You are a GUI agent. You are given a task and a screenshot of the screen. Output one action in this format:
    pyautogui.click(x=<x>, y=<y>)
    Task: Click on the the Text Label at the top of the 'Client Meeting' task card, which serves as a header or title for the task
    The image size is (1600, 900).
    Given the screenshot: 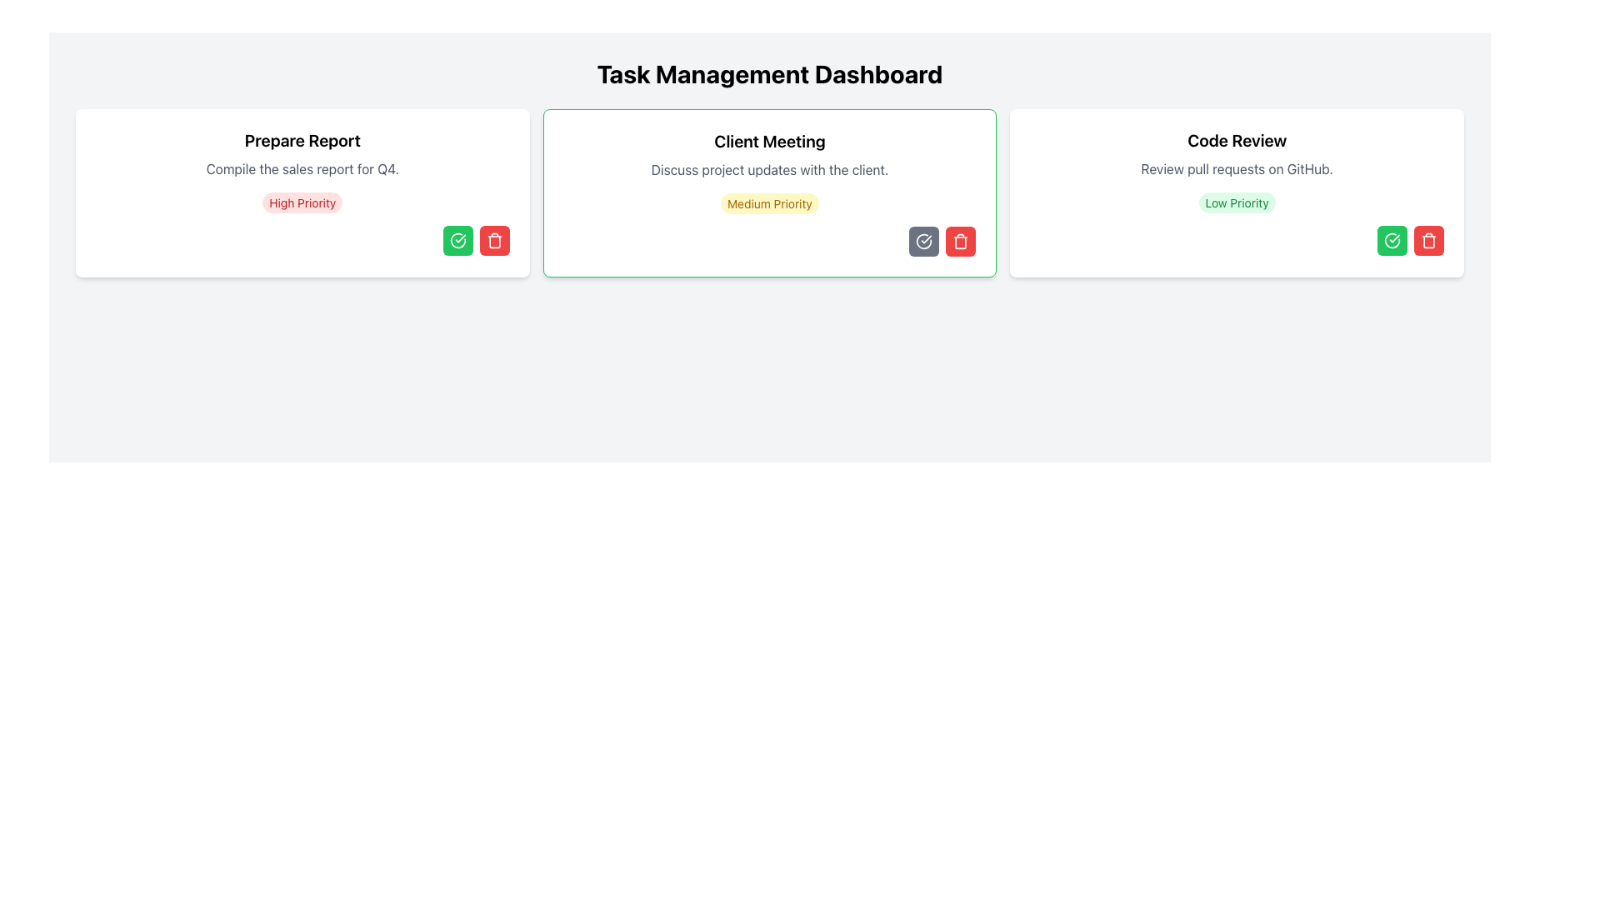 What is the action you would take?
    pyautogui.click(x=768, y=140)
    